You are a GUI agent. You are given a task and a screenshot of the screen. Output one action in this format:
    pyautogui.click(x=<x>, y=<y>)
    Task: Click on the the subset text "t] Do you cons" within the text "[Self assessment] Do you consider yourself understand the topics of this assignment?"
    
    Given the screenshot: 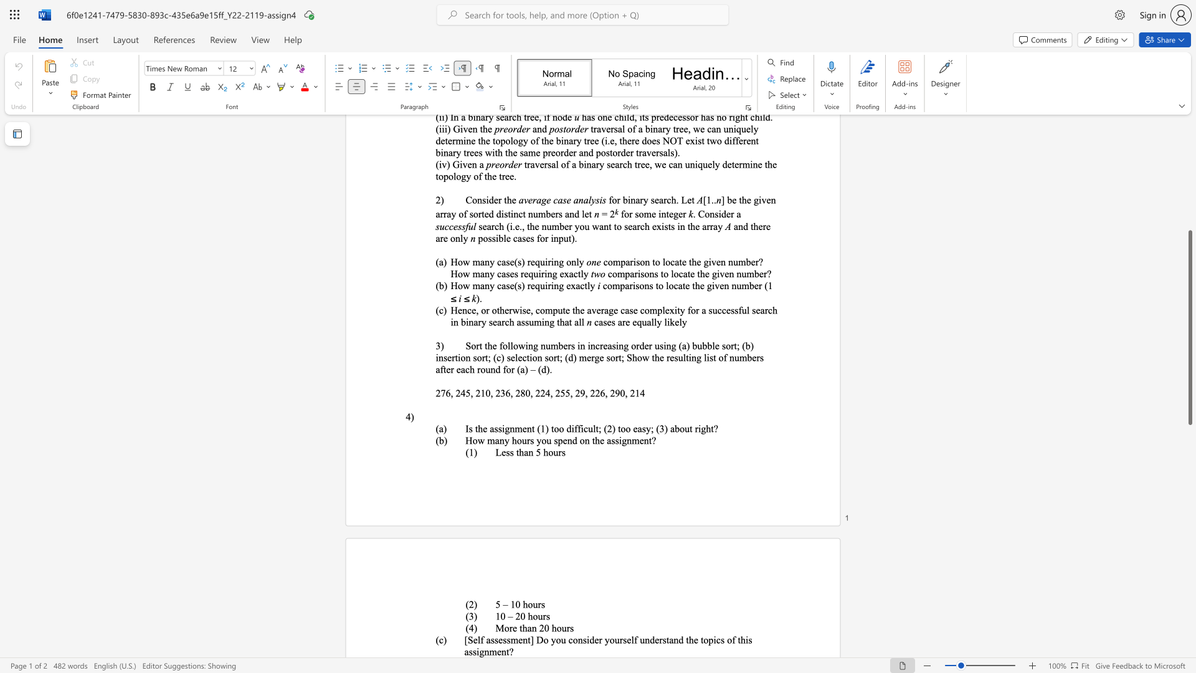 What is the action you would take?
    pyautogui.click(x=528, y=639)
    